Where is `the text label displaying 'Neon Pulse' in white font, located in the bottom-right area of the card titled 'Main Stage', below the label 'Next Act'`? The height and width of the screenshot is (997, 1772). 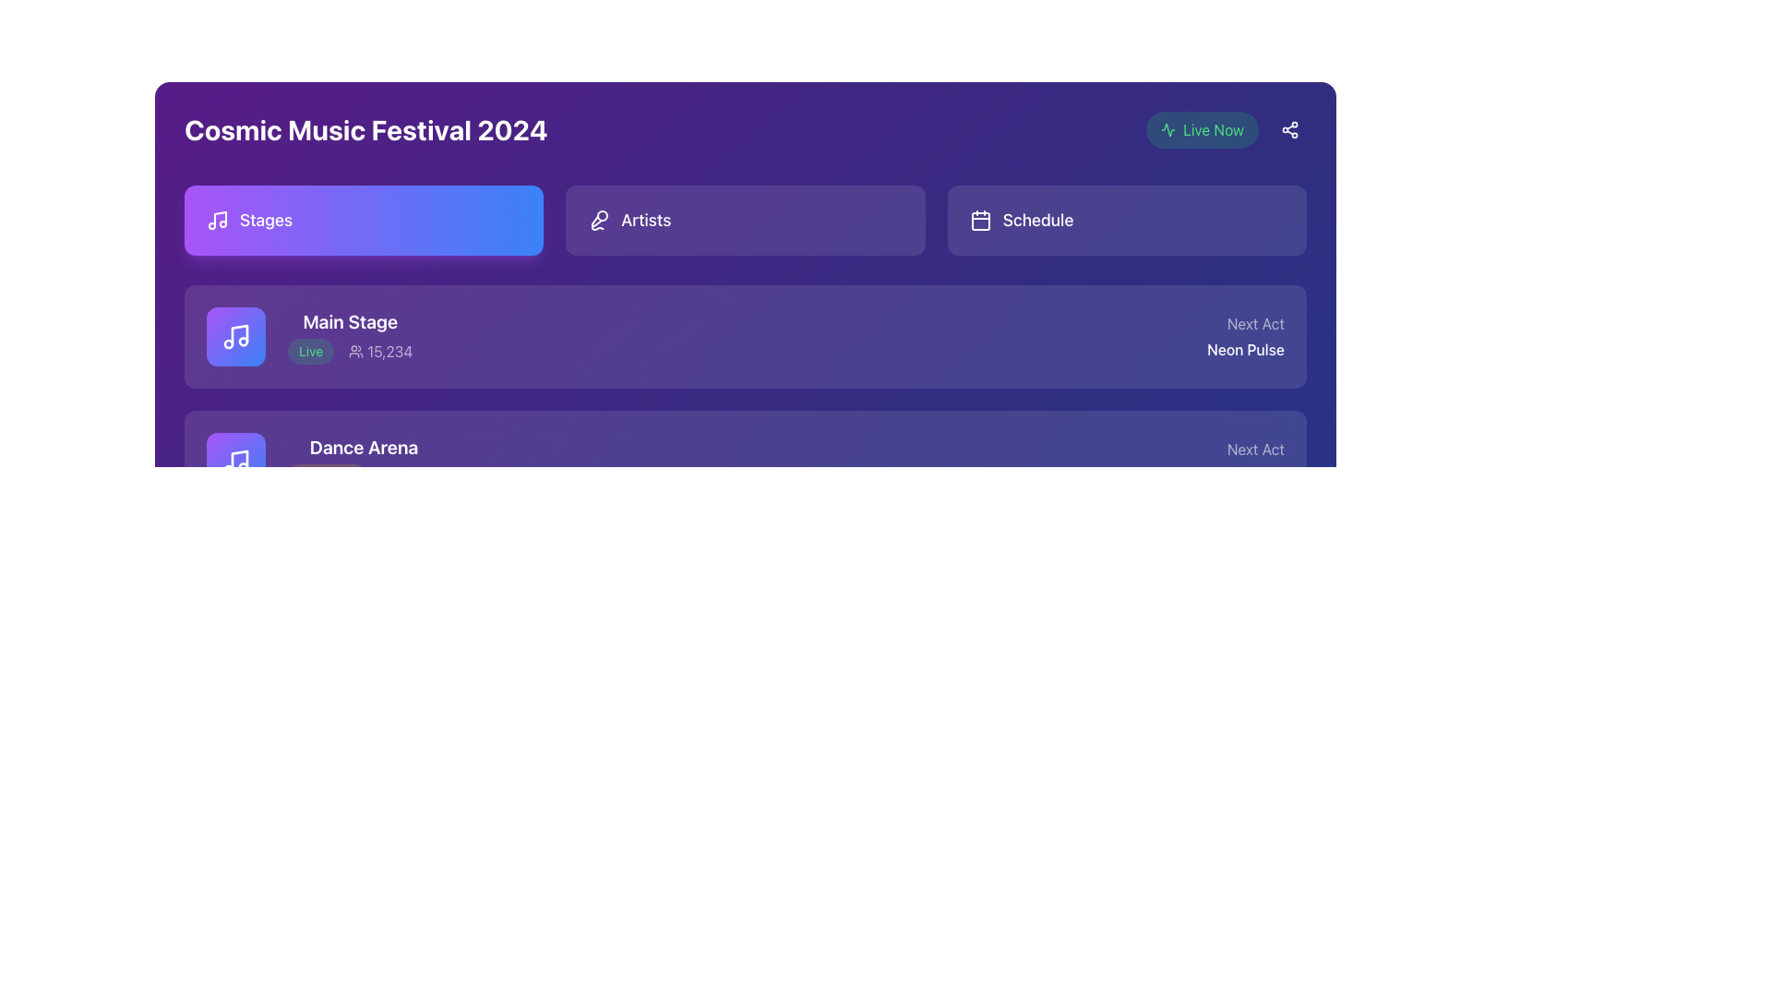
the text label displaying 'Neon Pulse' in white font, located in the bottom-right area of the card titled 'Main Stage', below the label 'Next Act' is located at coordinates (1246, 349).